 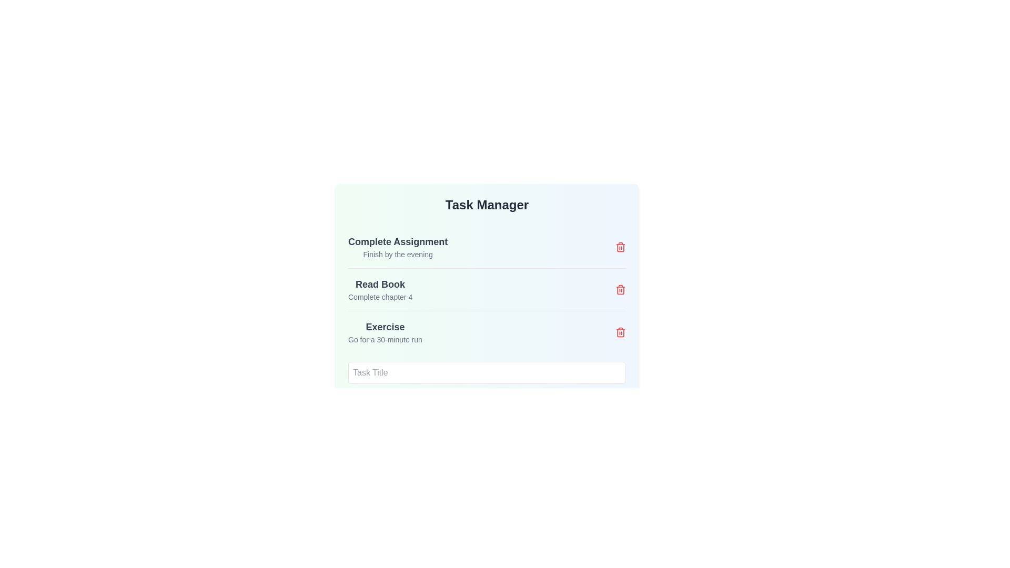 I want to click on the Text label that provides additional descriptive information related to the 'Read Book' task, positioned below and slightly indented to the right of the 'Read Book' text, so click(x=380, y=297).